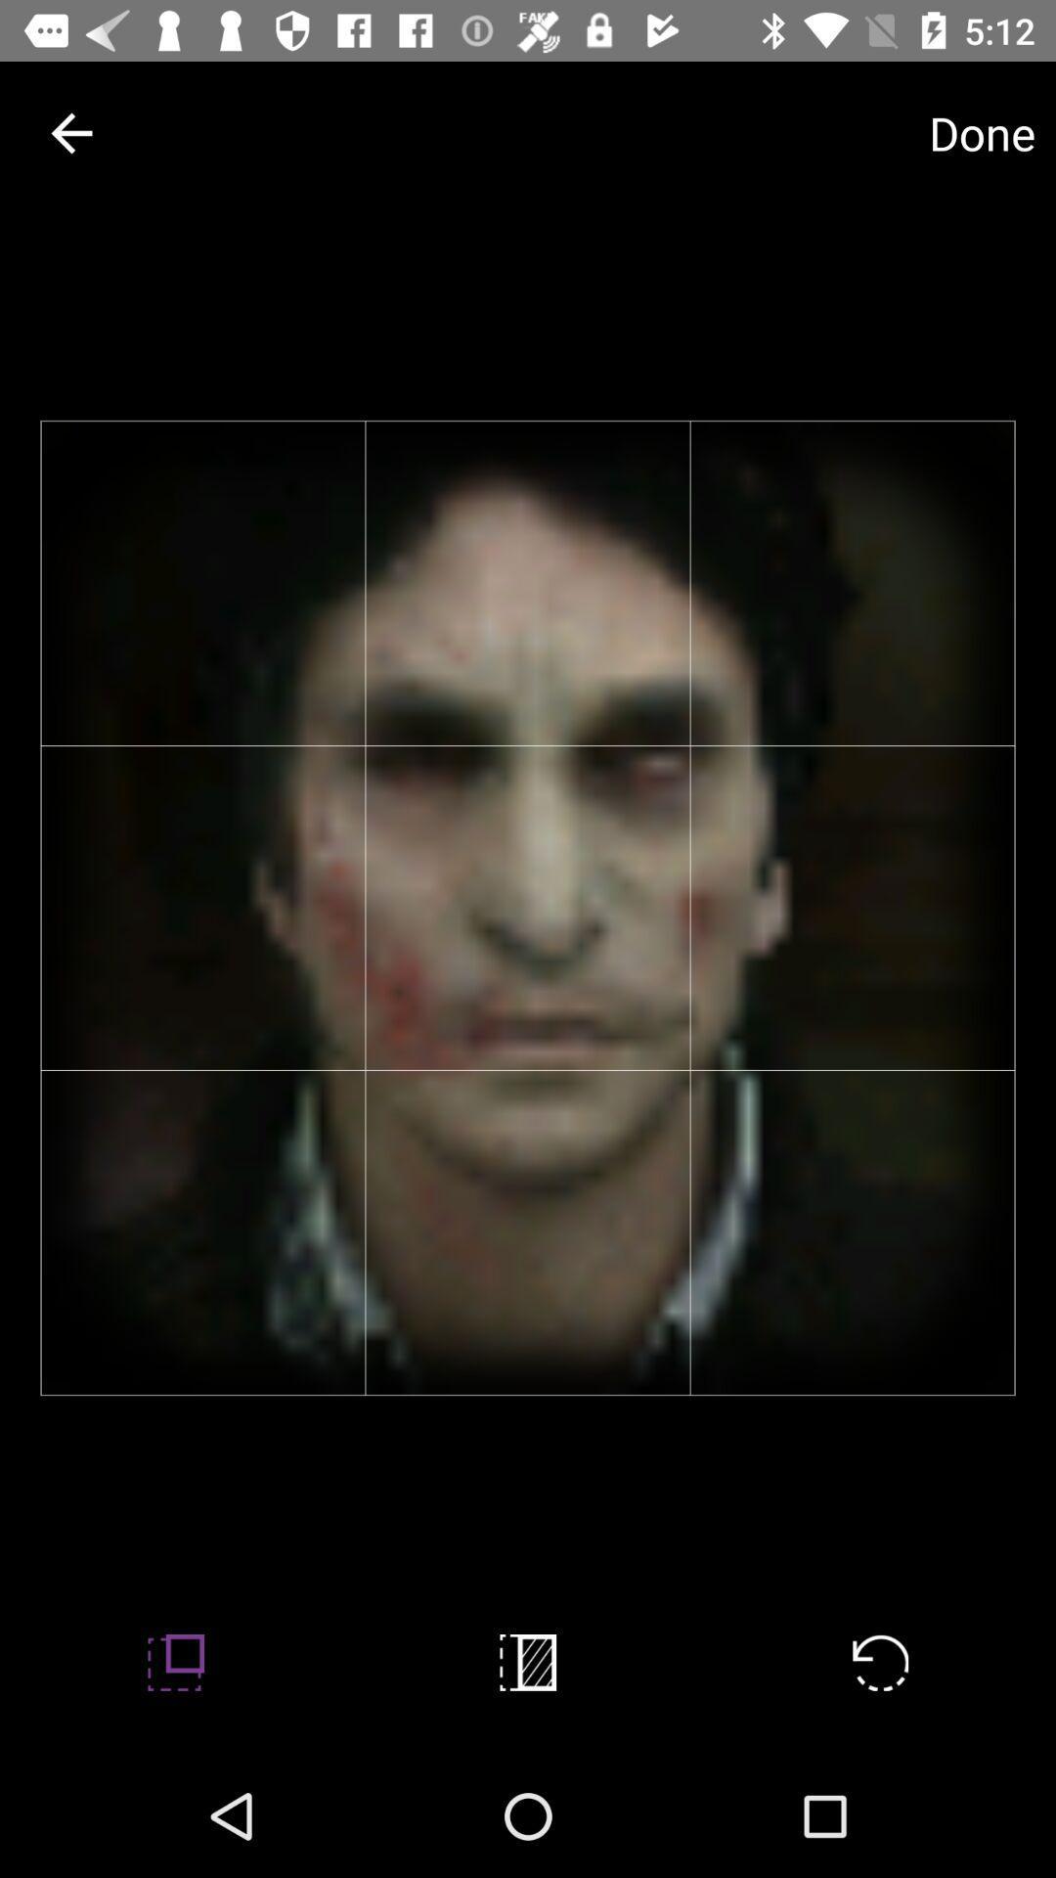  What do you see at coordinates (176, 1661) in the screenshot?
I see `resize` at bounding box center [176, 1661].